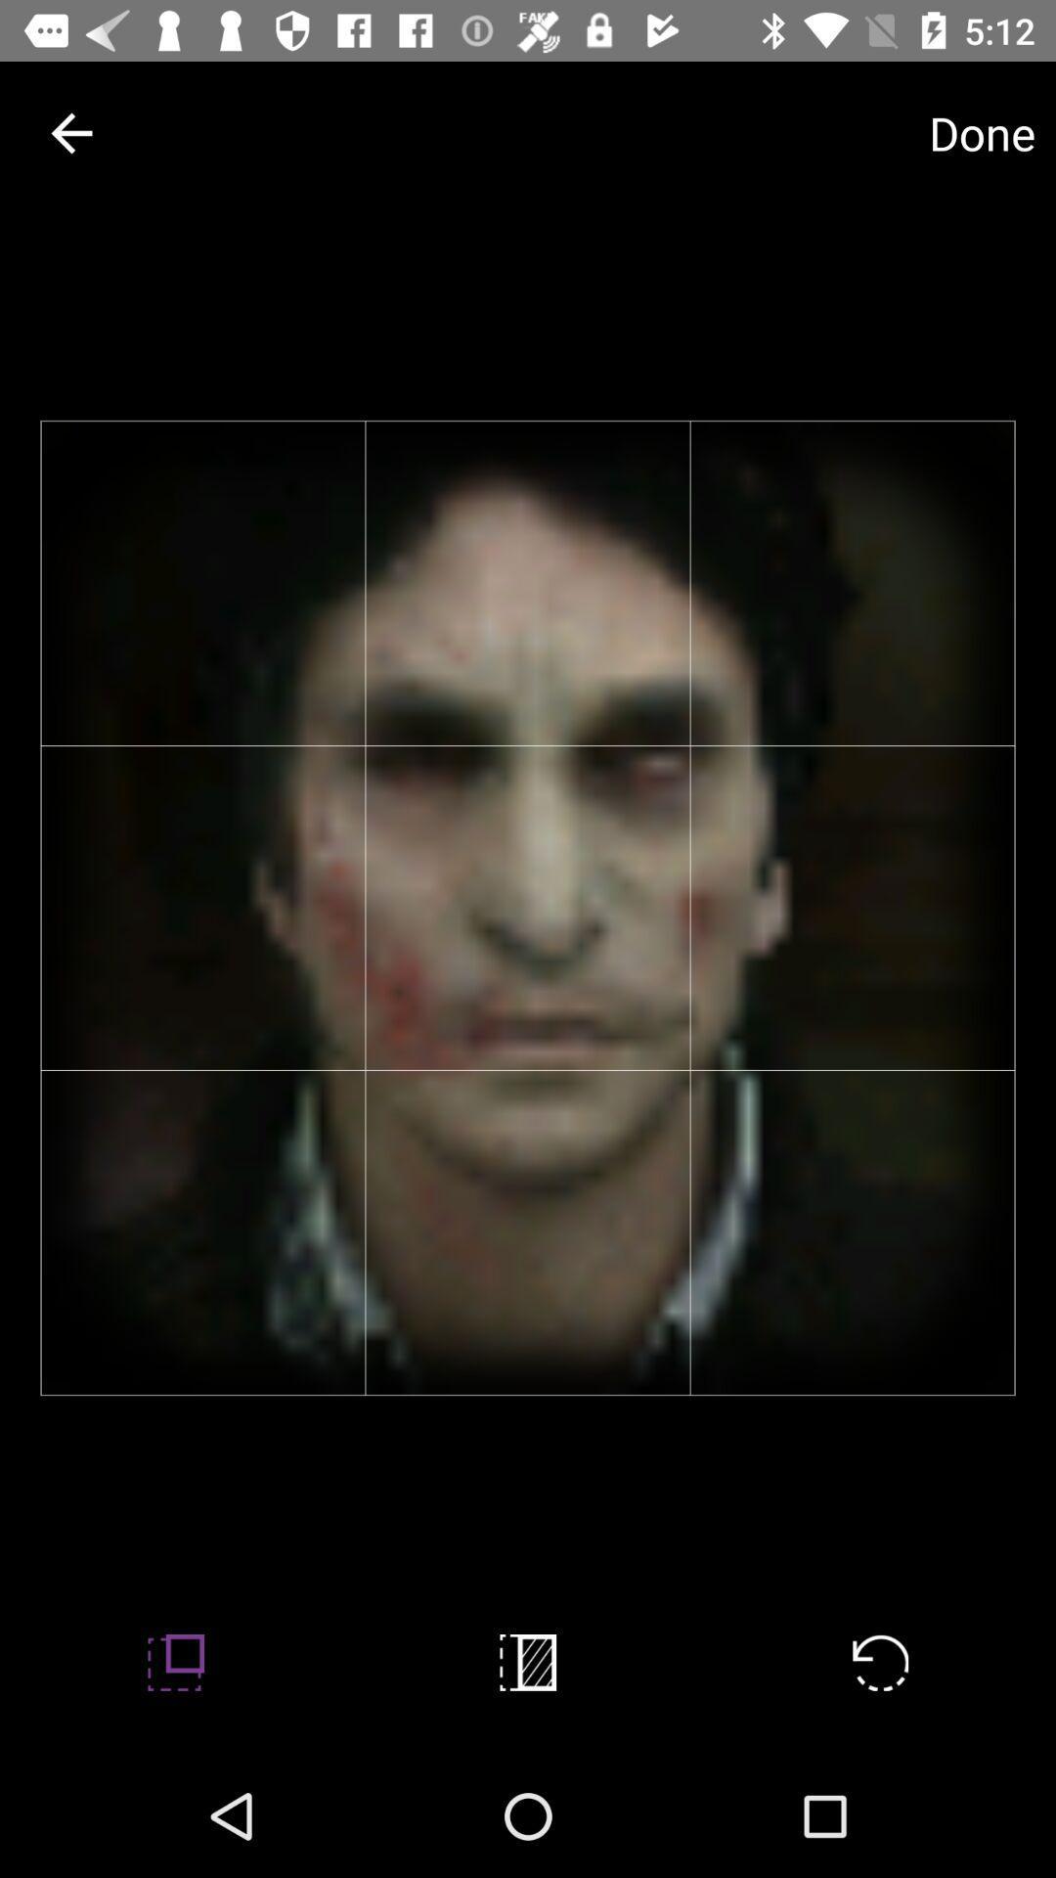  What do you see at coordinates (176, 1661) in the screenshot?
I see `resize` at bounding box center [176, 1661].